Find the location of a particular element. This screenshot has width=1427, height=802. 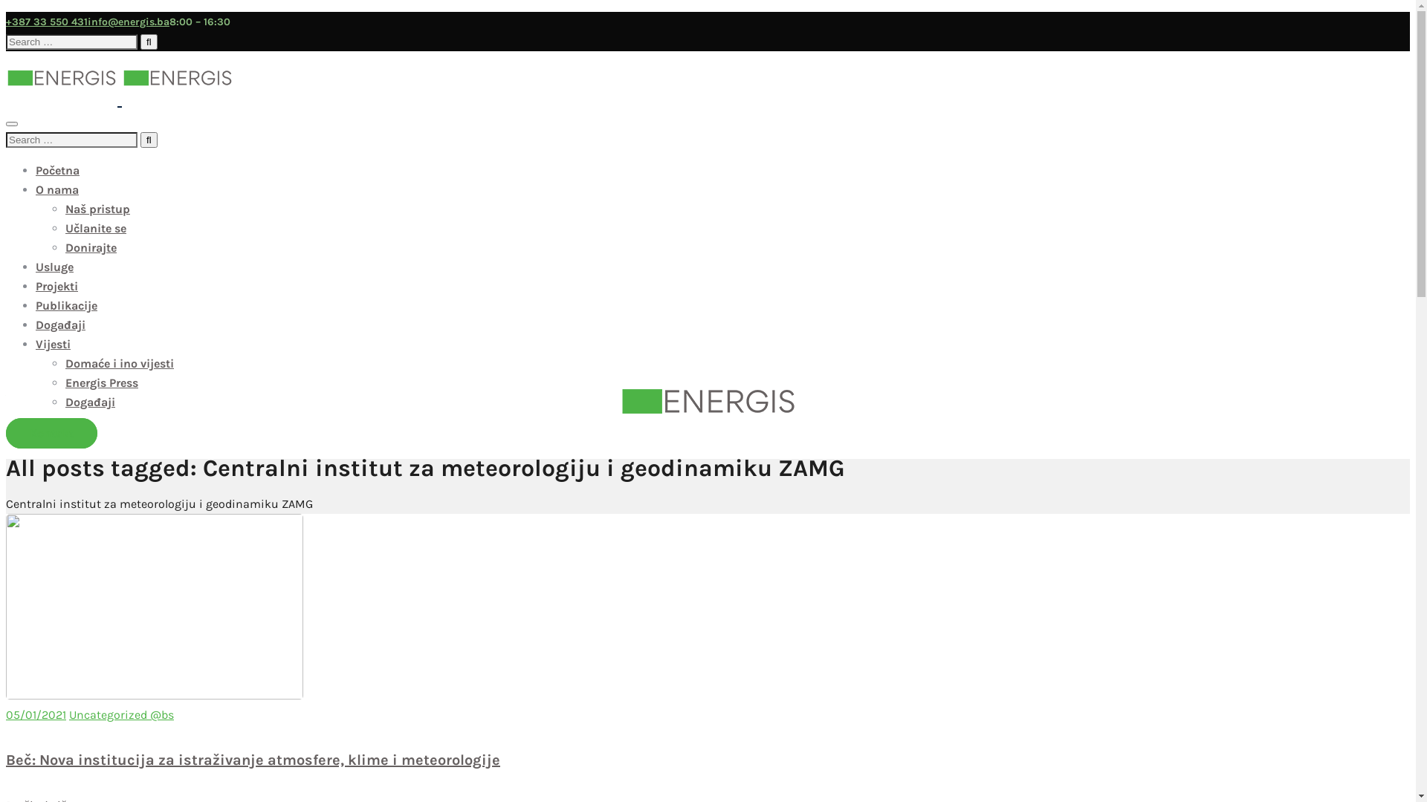

'Energis Press' is located at coordinates (101, 382).